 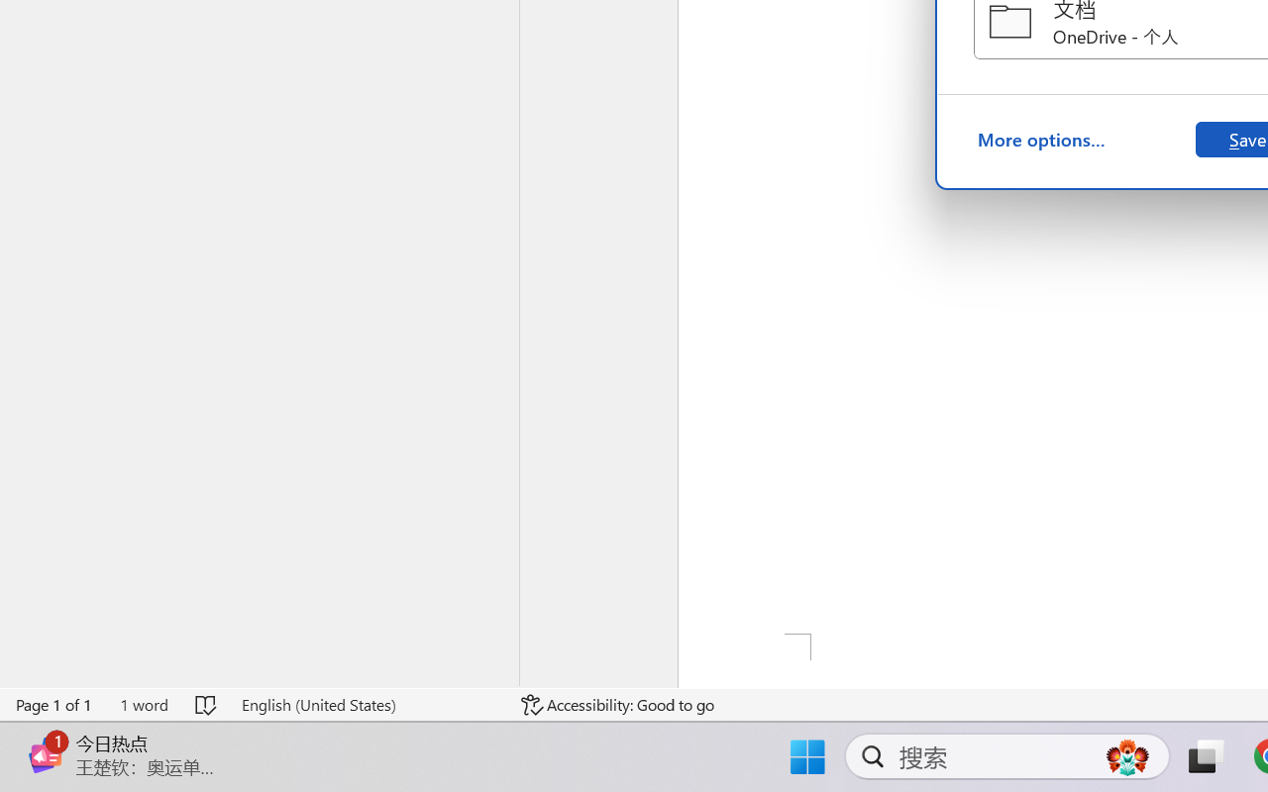 What do you see at coordinates (207, 704) in the screenshot?
I see `'Spelling and Grammar Check No Errors'` at bounding box center [207, 704].